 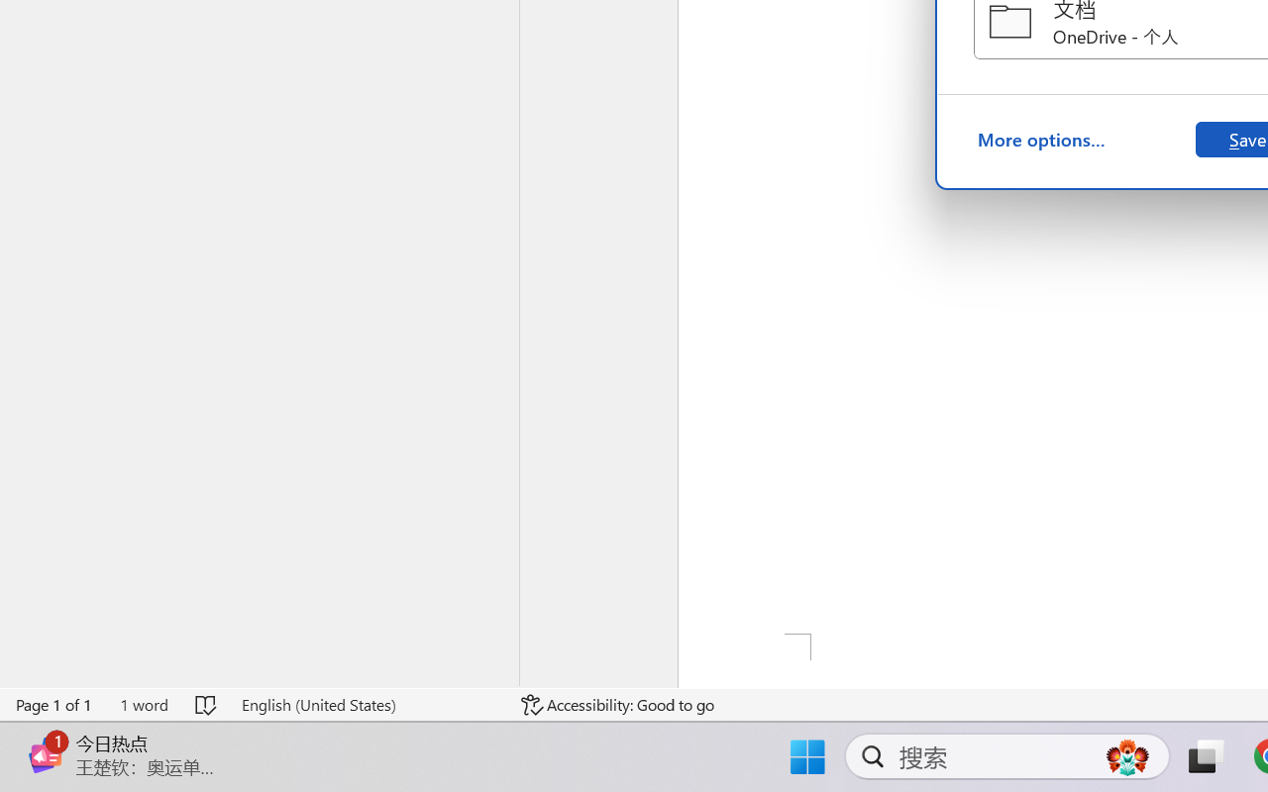 What do you see at coordinates (207, 704) in the screenshot?
I see `'Spelling and Grammar Check No Errors'` at bounding box center [207, 704].